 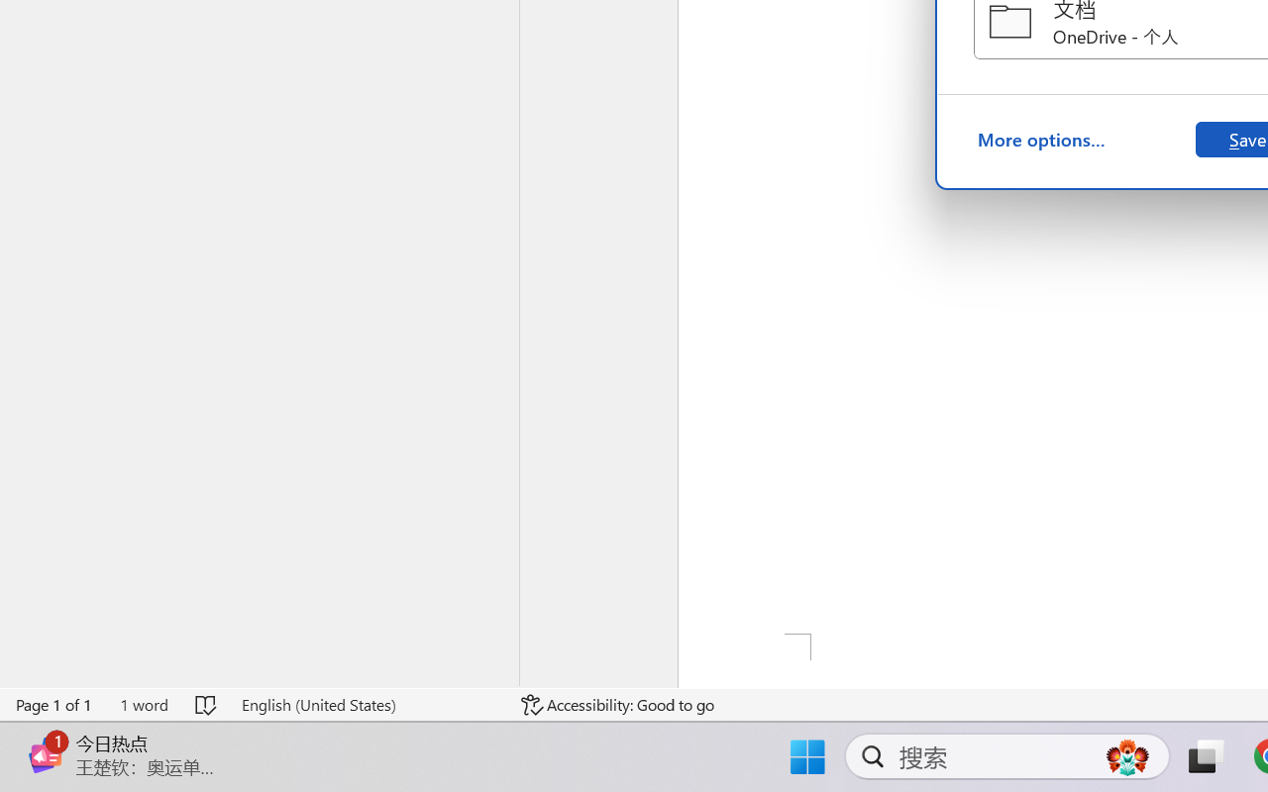 What do you see at coordinates (207, 704) in the screenshot?
I see `'Spelling and Grammar Check No Errors'` at bounding box center [207, 704].